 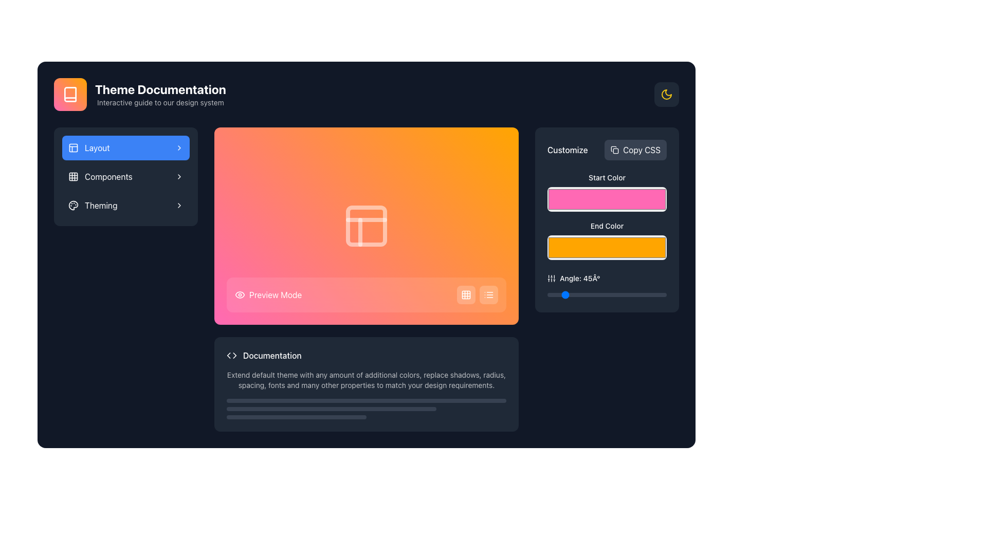 What do you see at coordinates (666, 95) in the screenshot?
I see `the yellow crescent moon icon located in the top-right corner of the interface` at bounding box center [666, 95].